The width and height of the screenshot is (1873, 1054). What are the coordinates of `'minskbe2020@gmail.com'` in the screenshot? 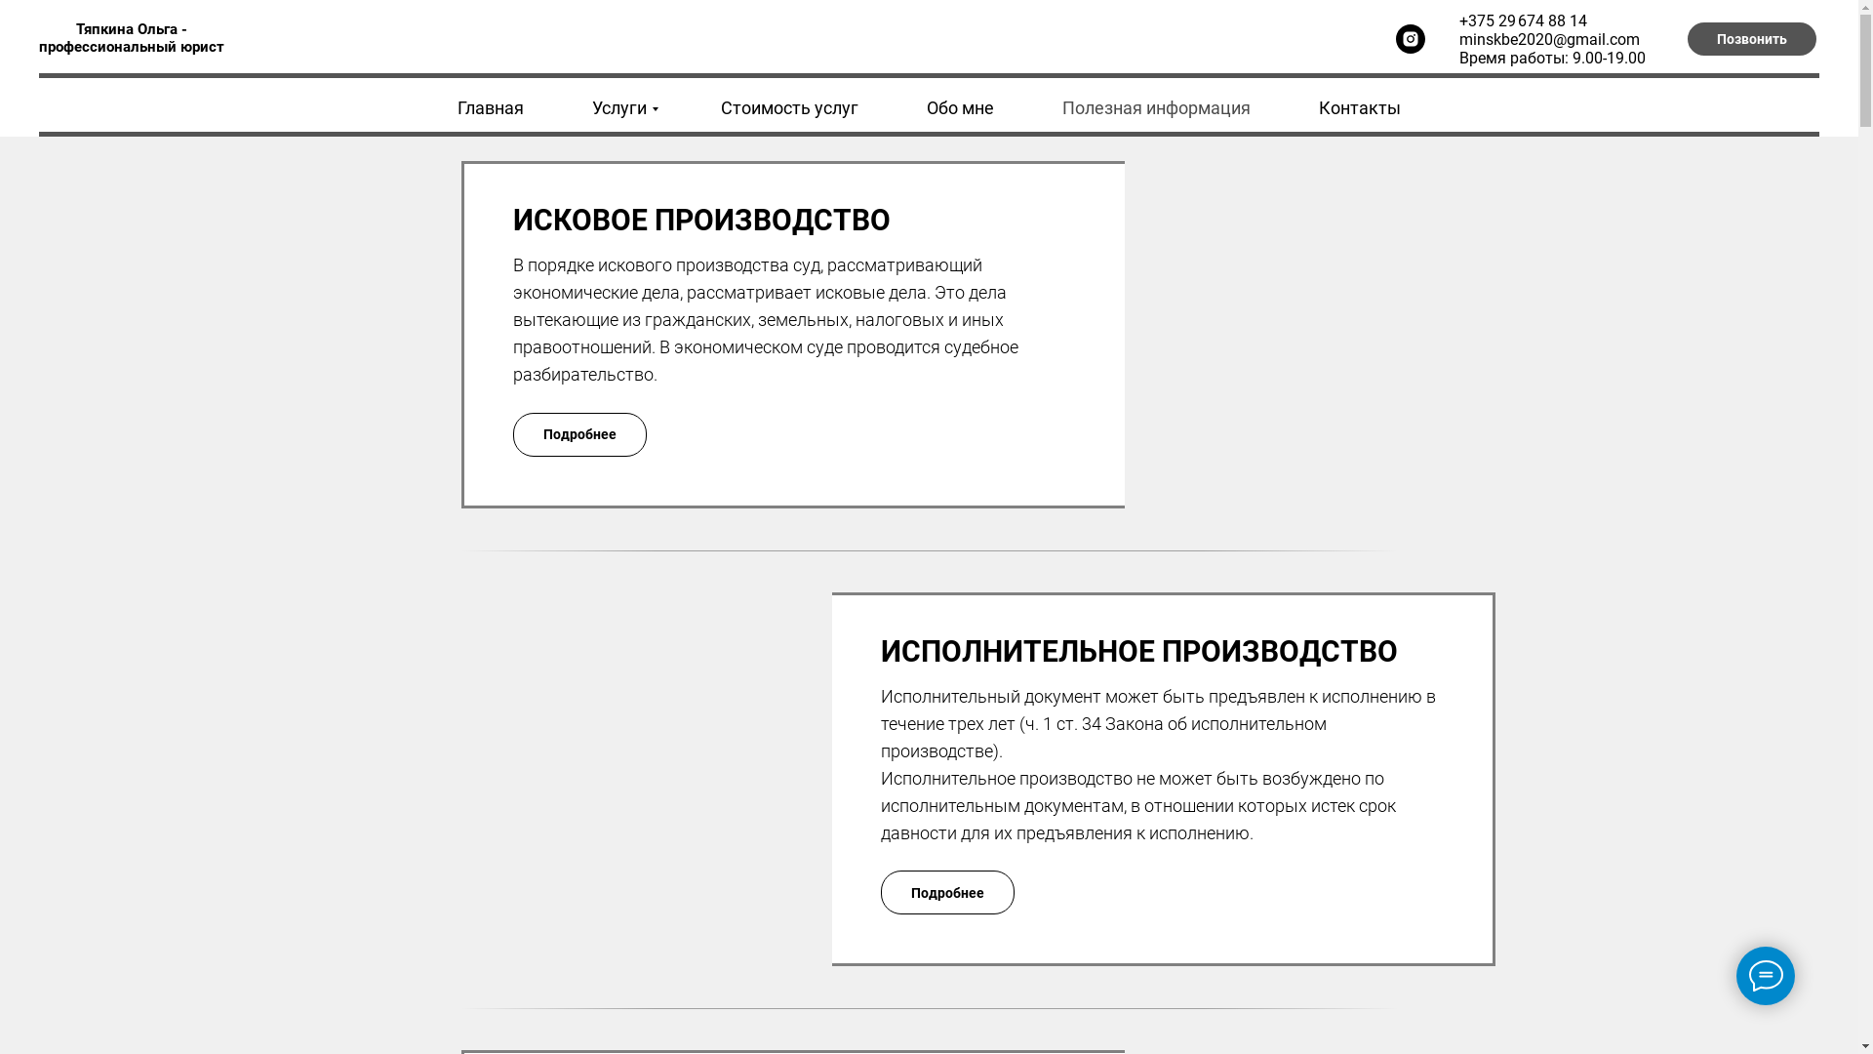 It's located at (1548, 38).